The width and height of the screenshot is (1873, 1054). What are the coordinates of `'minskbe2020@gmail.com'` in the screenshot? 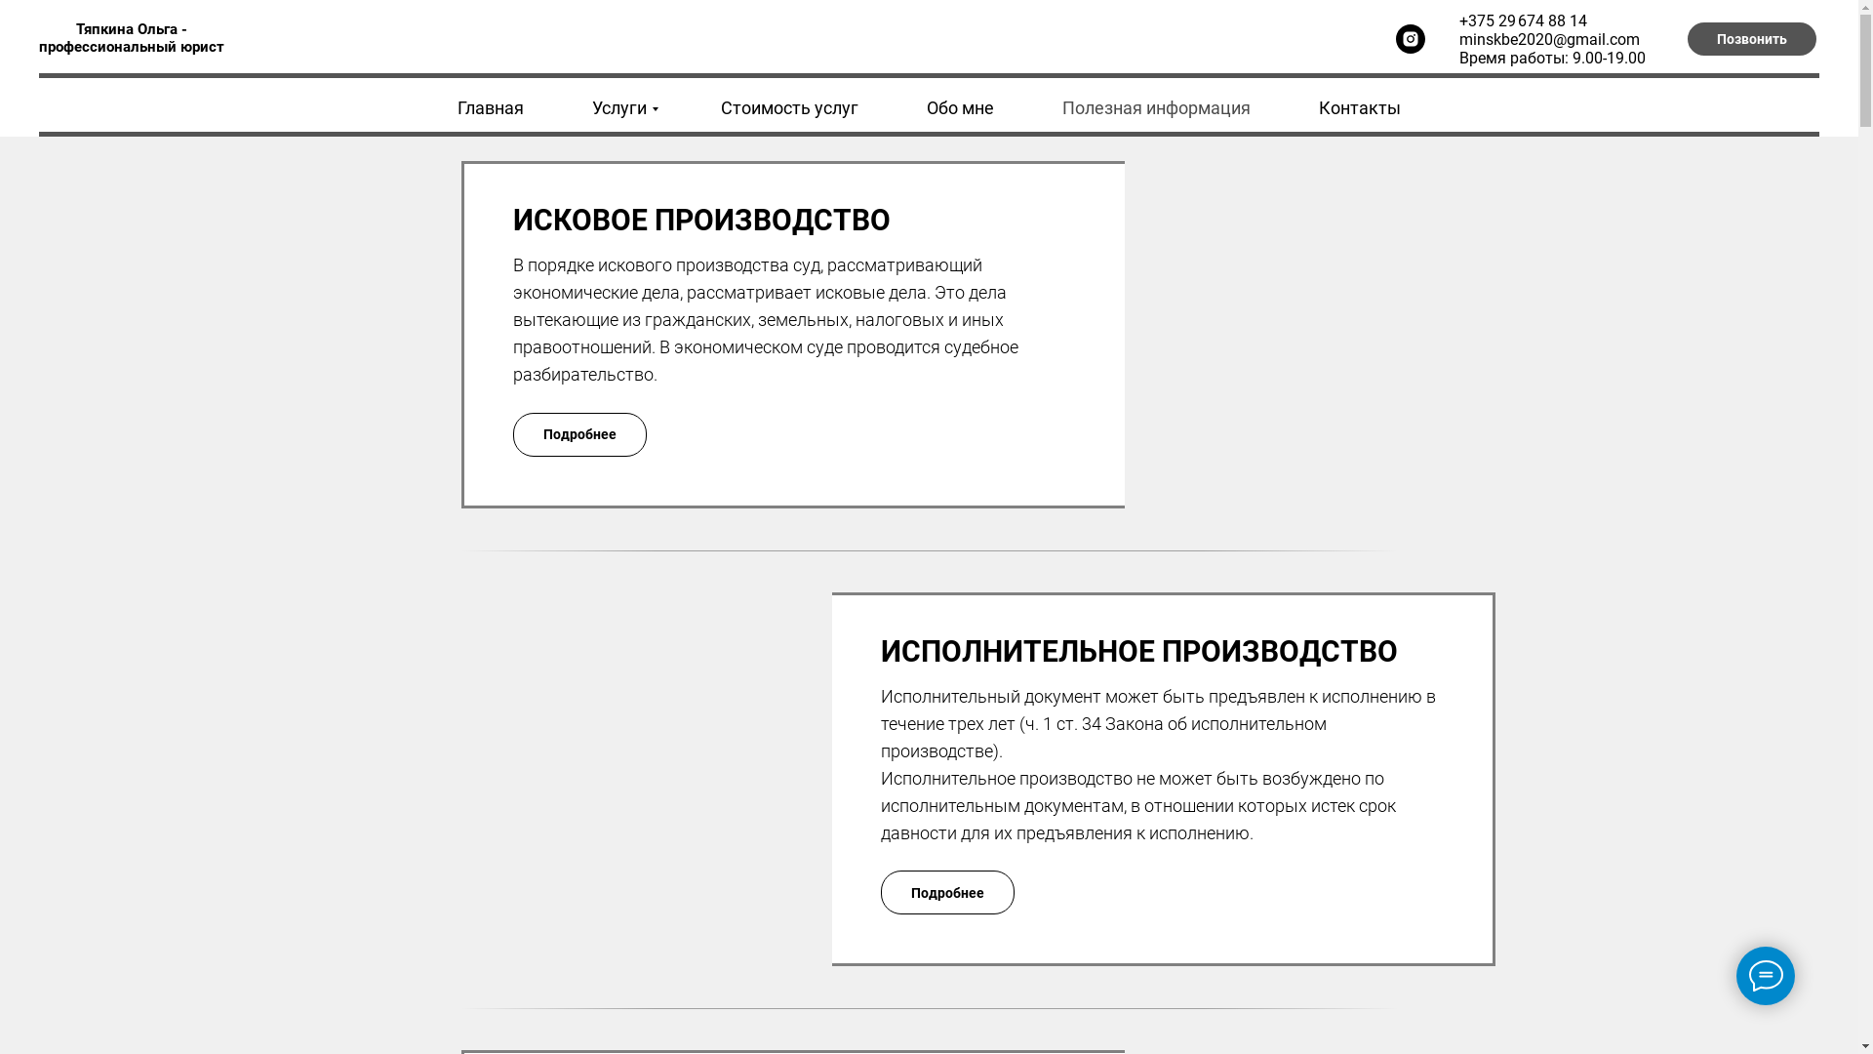 It's located at (1548, 38).